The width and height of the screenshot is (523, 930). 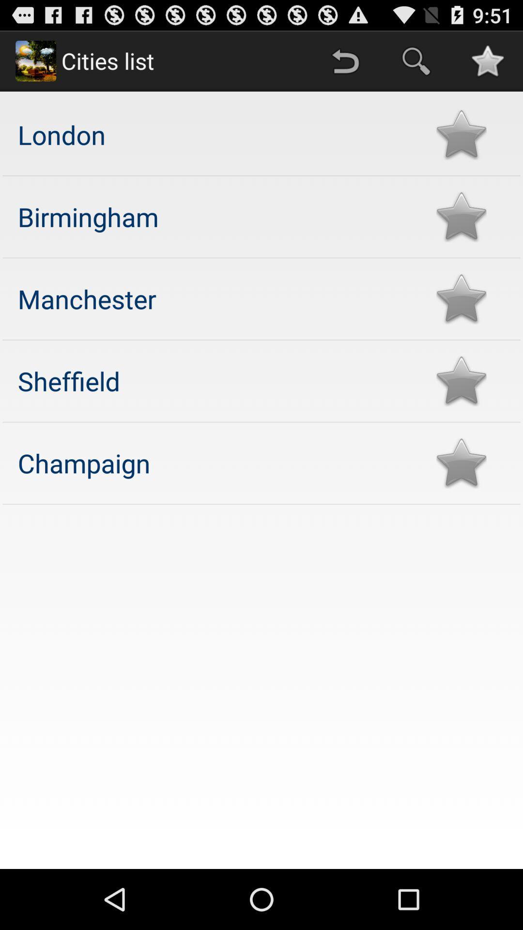 What do you see at coordinates (461, 134) in the screenshot?
I see `rating review` at bounding box center [461, 134].